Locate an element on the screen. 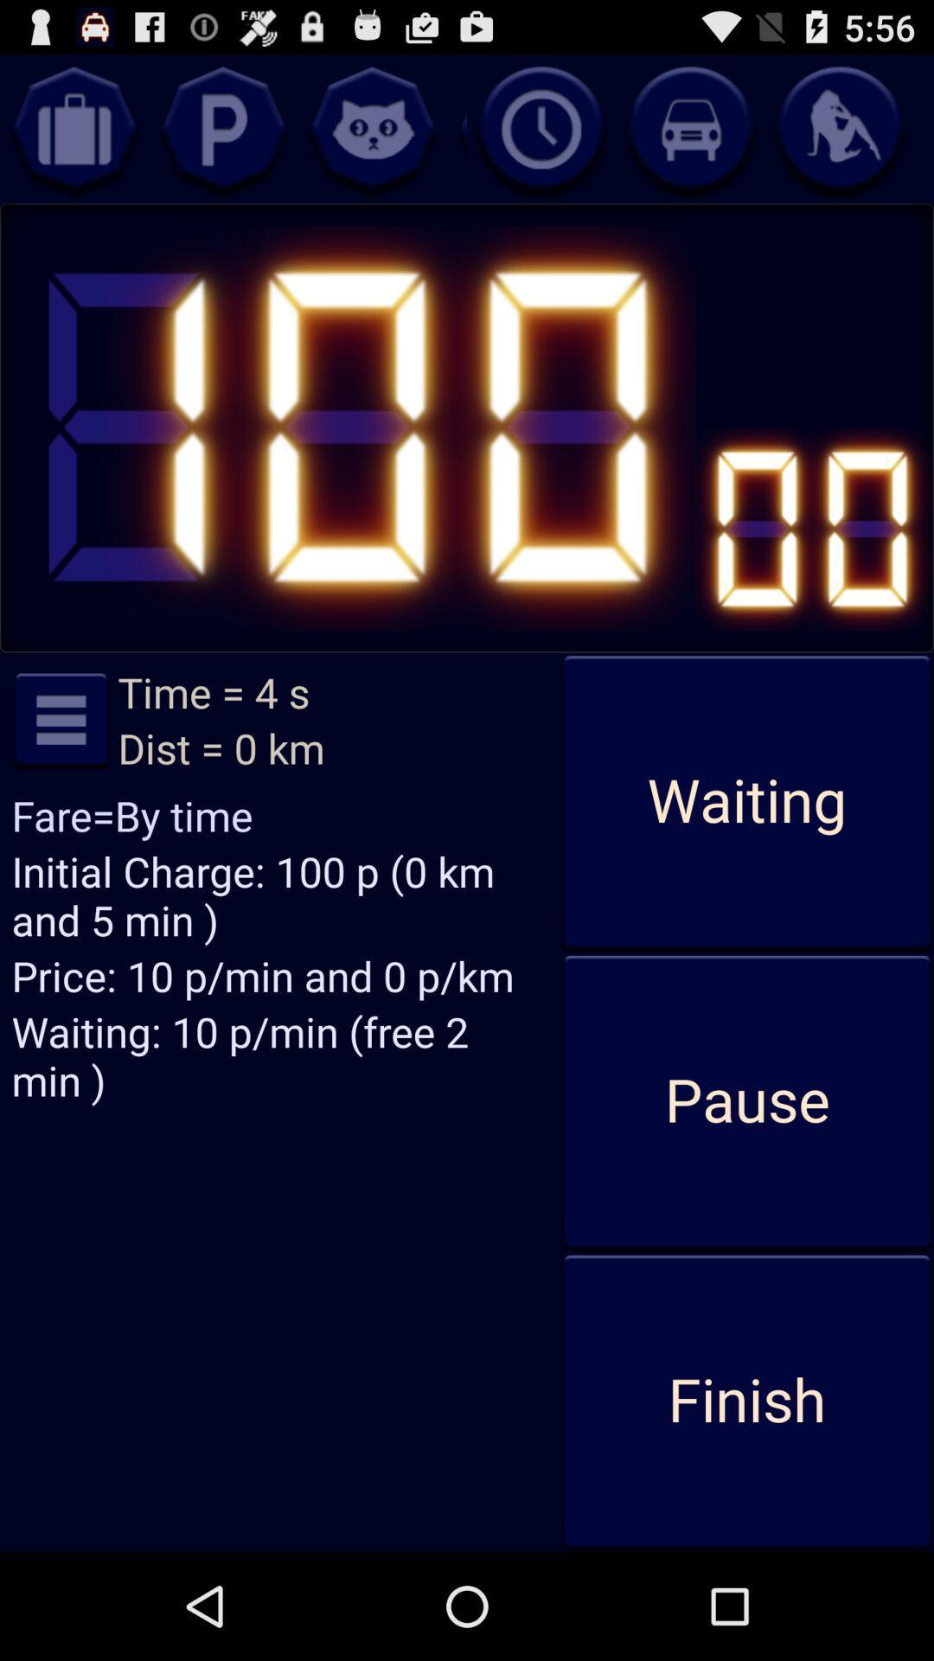 This screenshot has width=934, height=1661. the time icon is located at coordinates (541, 137).